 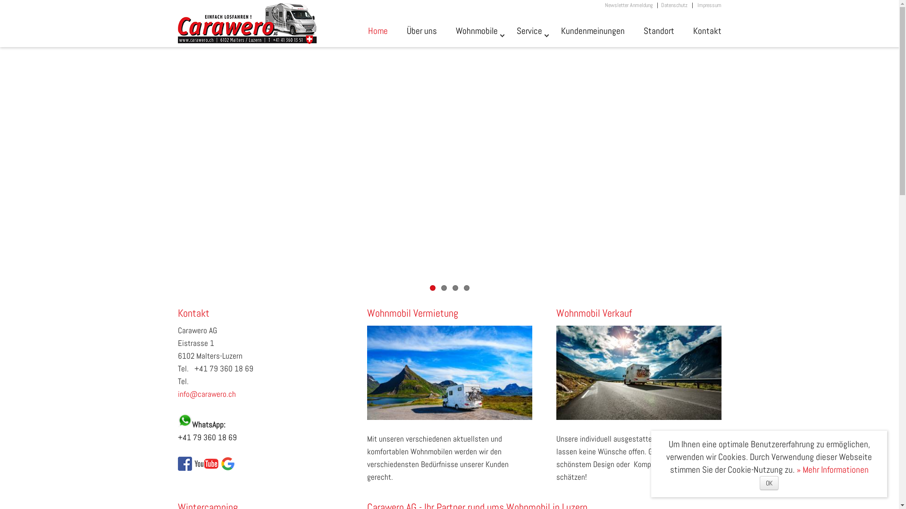 What do you see at coordinates (466, 287) in the screenshot?
I see `'4'` at bounding box center [466, 287].